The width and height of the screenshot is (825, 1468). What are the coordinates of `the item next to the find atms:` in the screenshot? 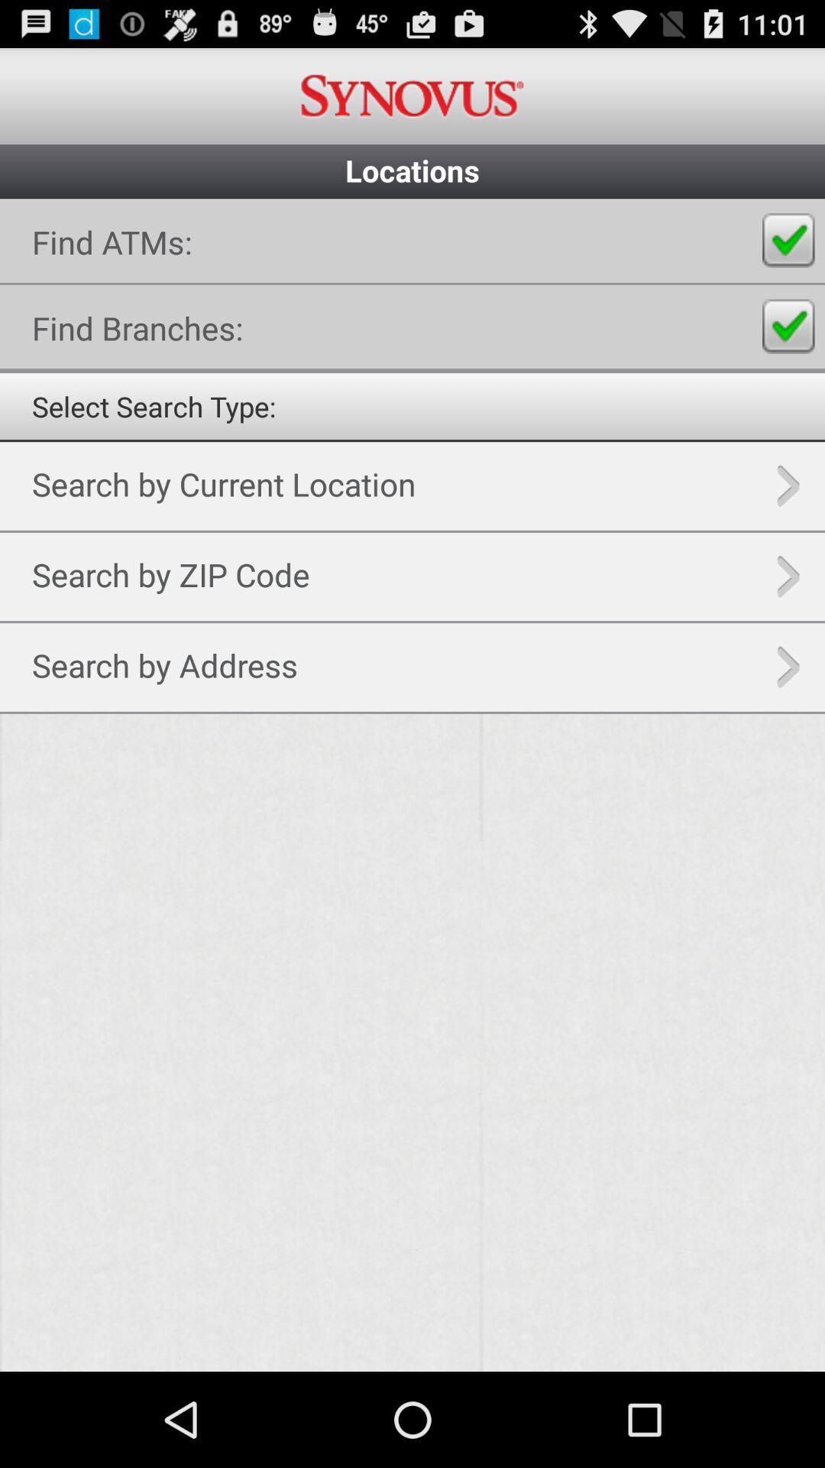 It's located at (788, 240).